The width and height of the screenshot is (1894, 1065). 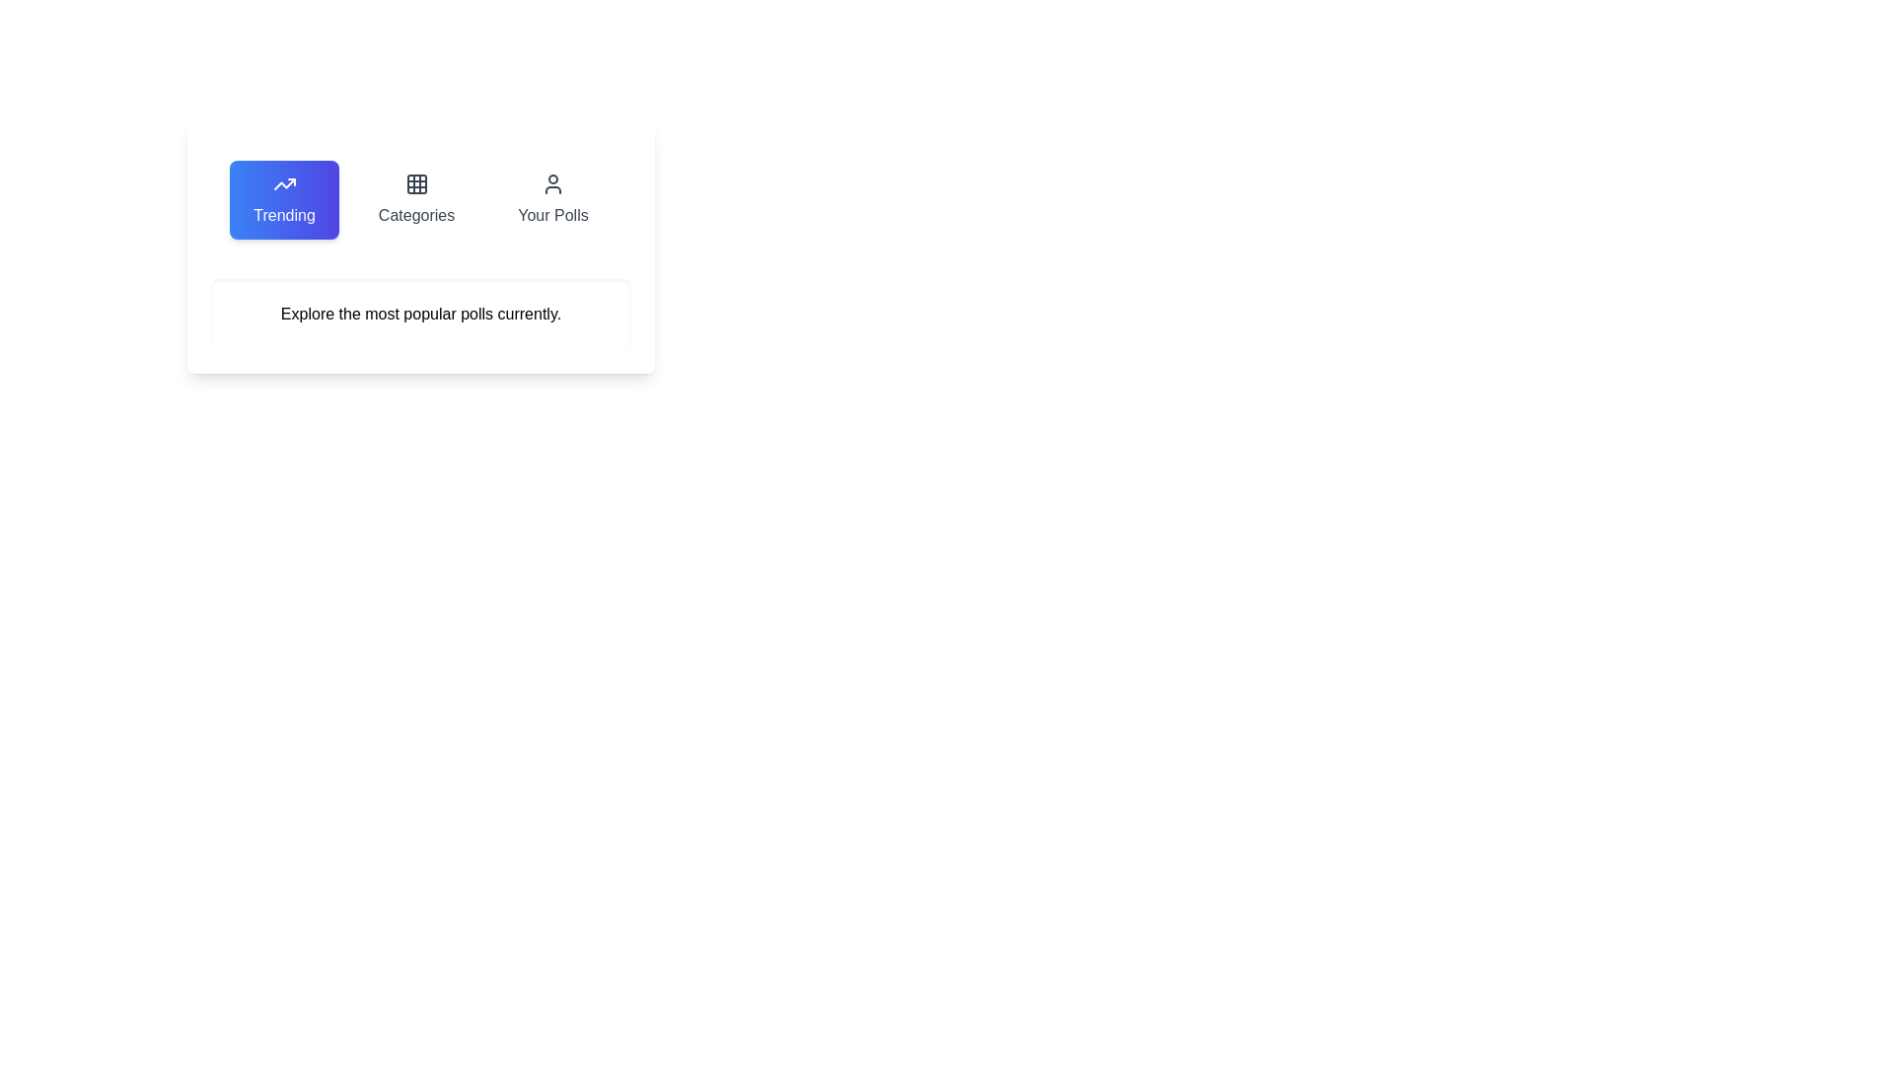 What do you see at coordinates (552, 200) in the screenshot?
I see `the tab labeled 'Your Polls' to switch to the corresponding section` at bounding box center [552, 200].